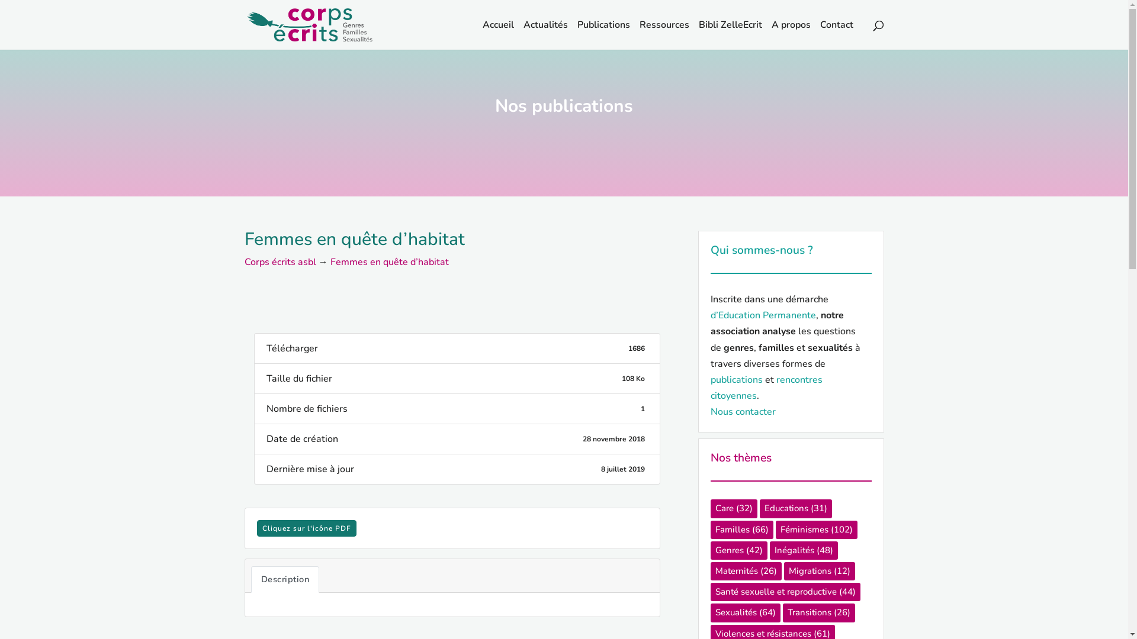  Describe the element at coordinates (735, 379) in the screenshot. I see `'publications'` at that location.